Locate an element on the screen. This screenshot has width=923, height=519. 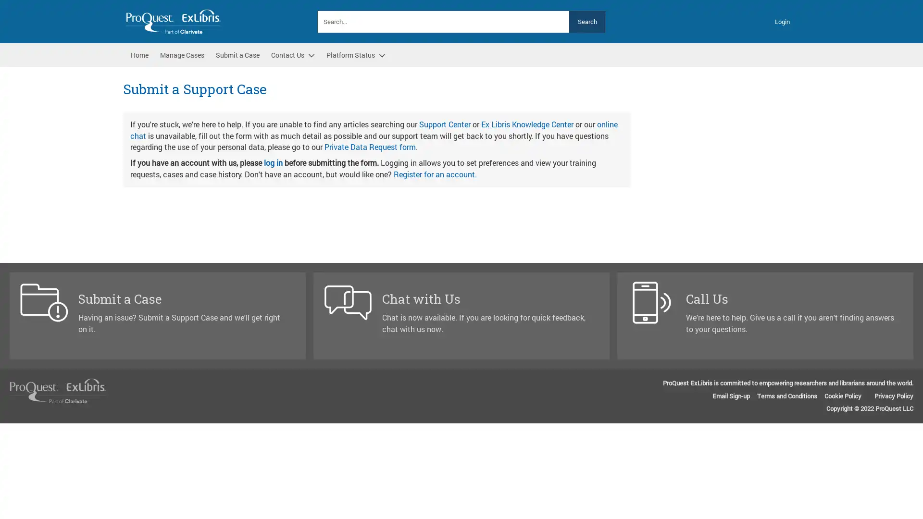
Contact Us is located at coordinates (292, 55).